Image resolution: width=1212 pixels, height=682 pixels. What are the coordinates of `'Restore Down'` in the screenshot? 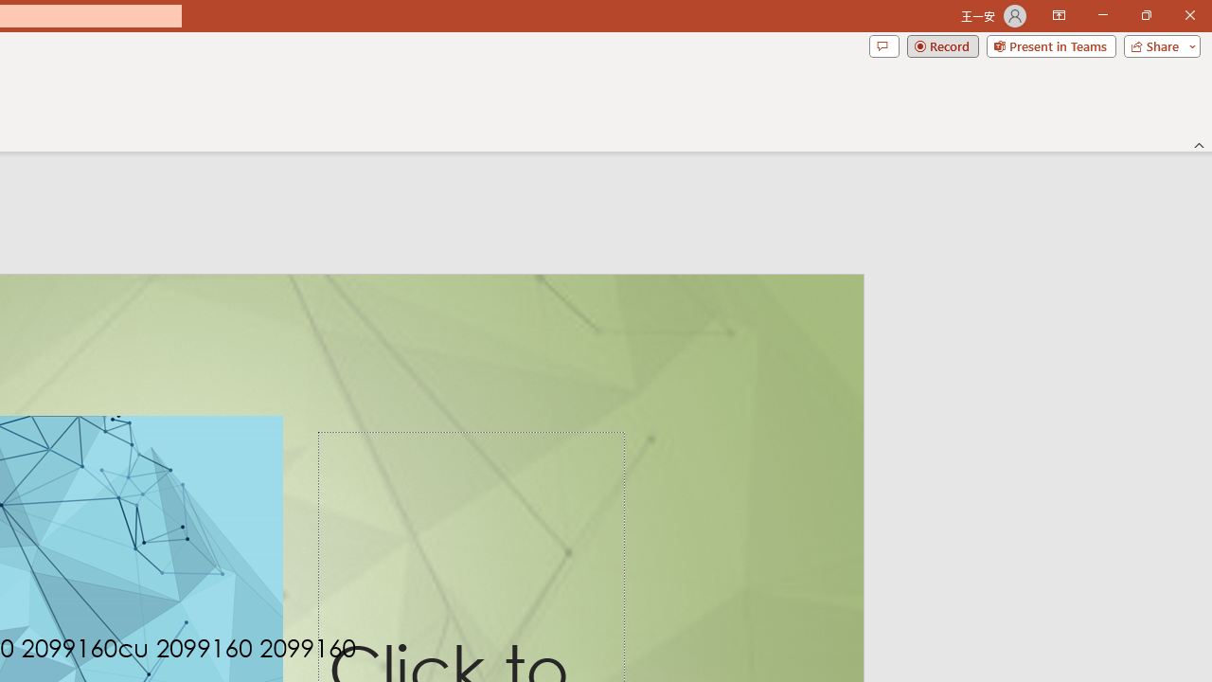 It's located at (1145, 15).